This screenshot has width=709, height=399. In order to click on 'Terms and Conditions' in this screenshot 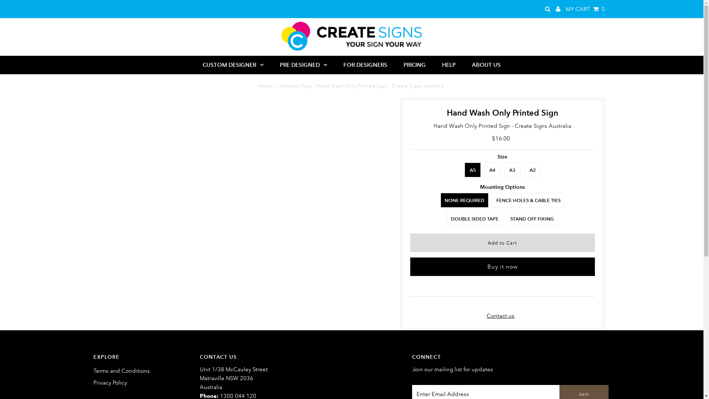, I will do `click(93, 371)`.